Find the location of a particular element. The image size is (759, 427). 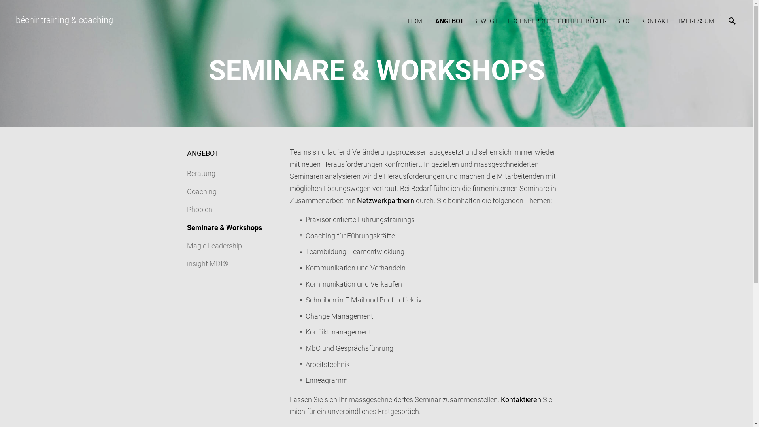

'Coaching' is located at coordinates (201, 191).